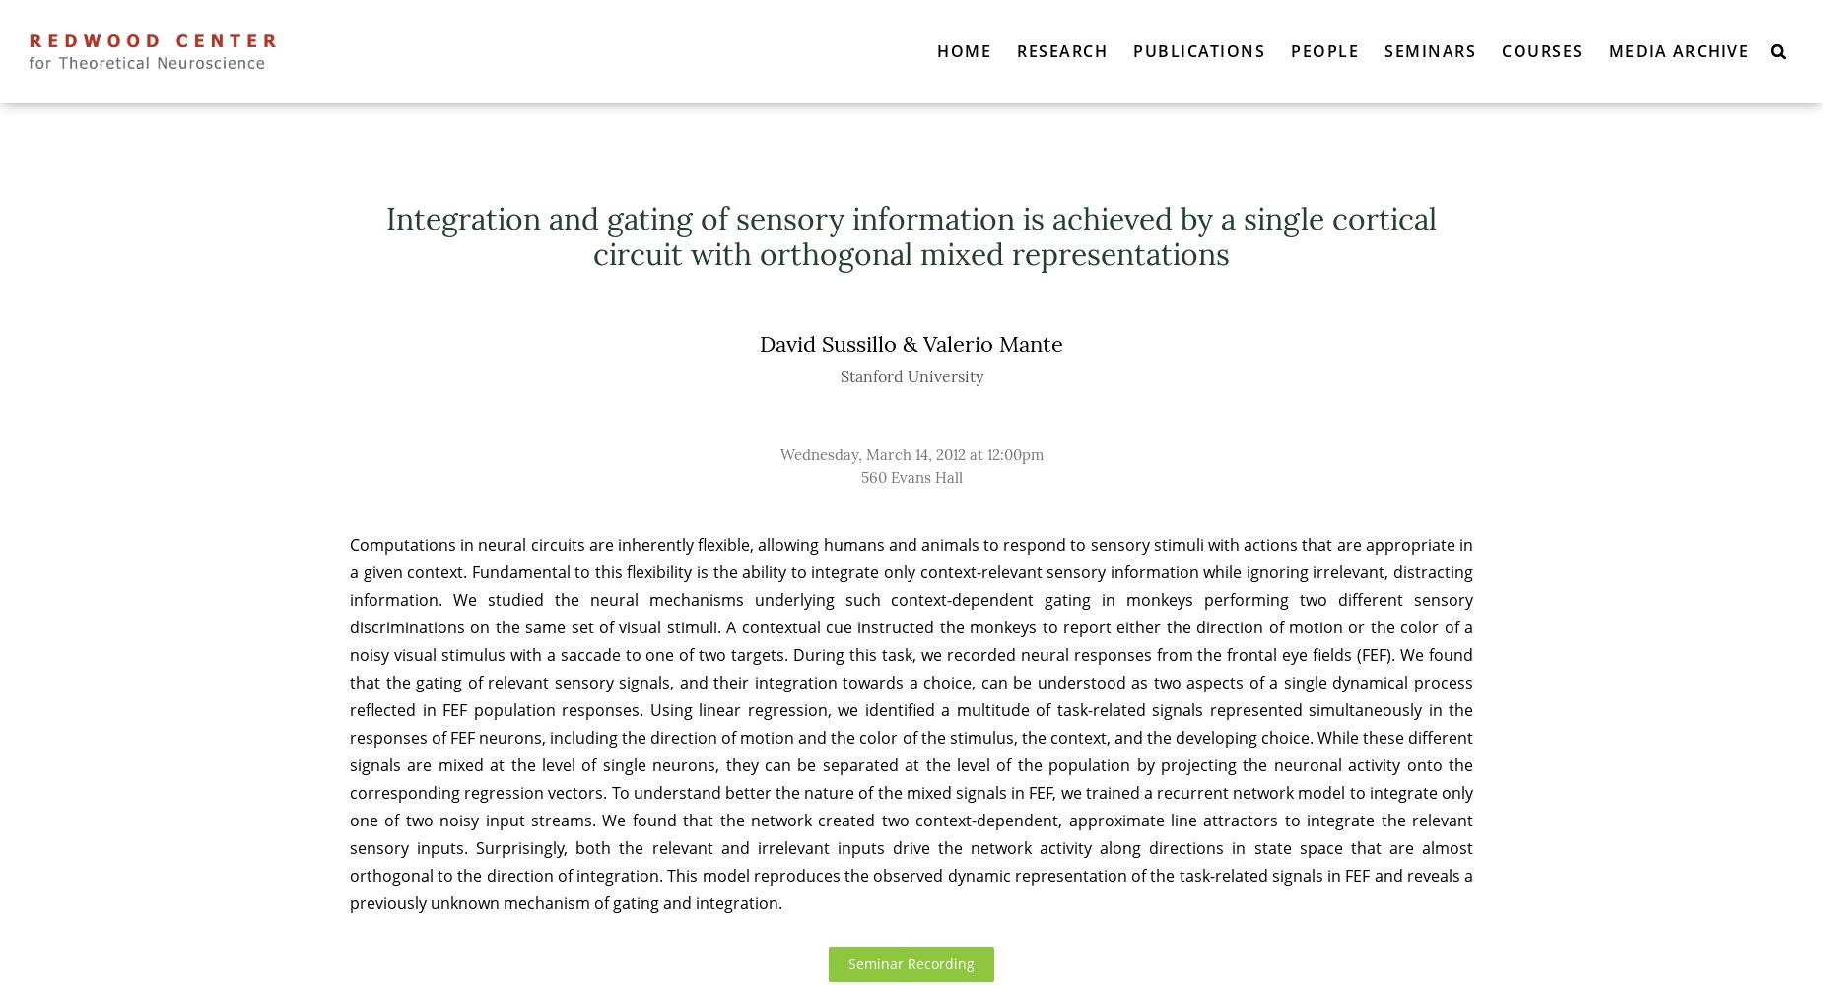 The height and width of the screenshot is (985, 1823). What do you see at coordinates (1384, 50) in the screenshot?
I see `'Seminars'` at bounding box center [1384, 50].